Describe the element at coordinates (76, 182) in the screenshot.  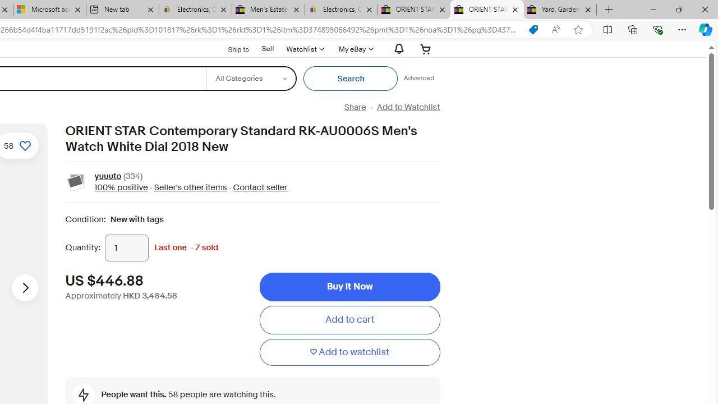
I see `'Class: ux-action'` at that location.